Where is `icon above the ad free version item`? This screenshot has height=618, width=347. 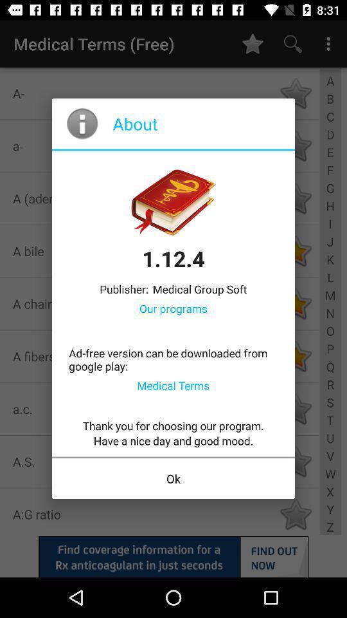 icon above the ad free version item is located at coordinates (173, 308).